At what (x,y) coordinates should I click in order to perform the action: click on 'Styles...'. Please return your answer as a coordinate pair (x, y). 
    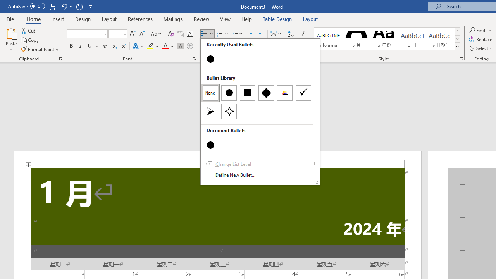
    Looking at the image, I should click on (462, 58).